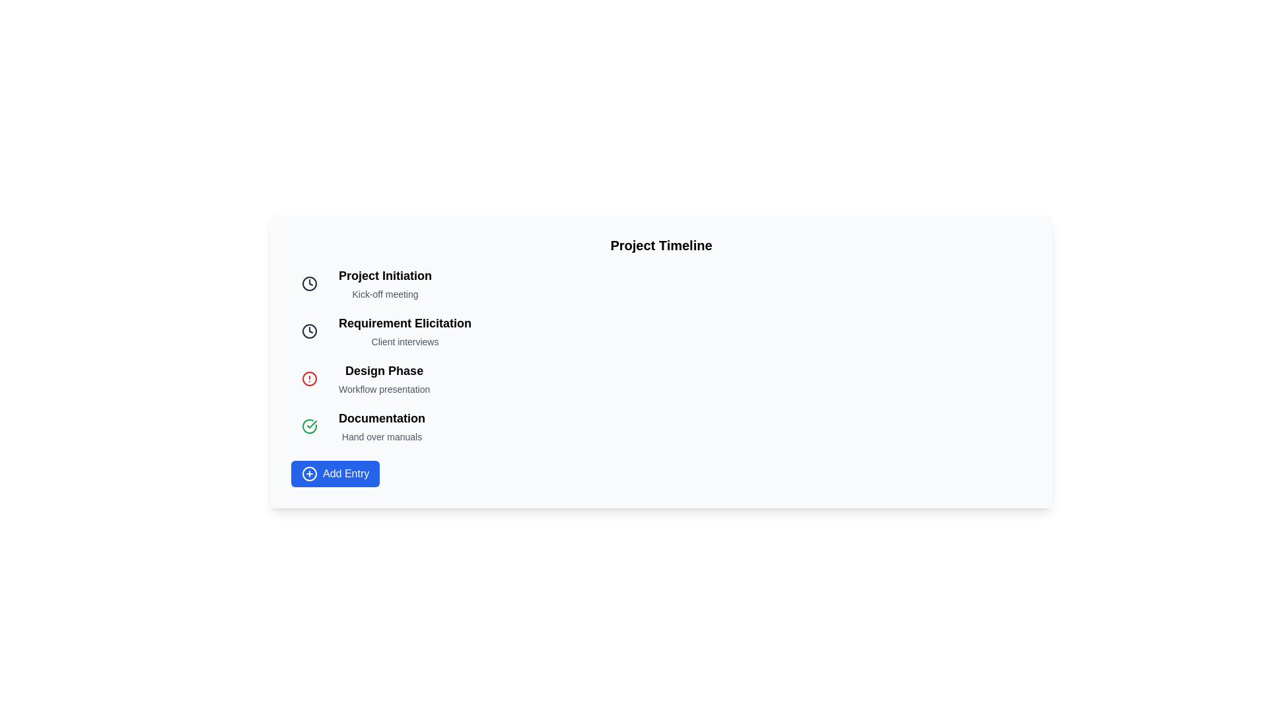  I want to click on the text label combination displaying 'Requirement Elicitation' with supporting text 'Client interviews', which is the second item in a vertical list, so click(404, 330).